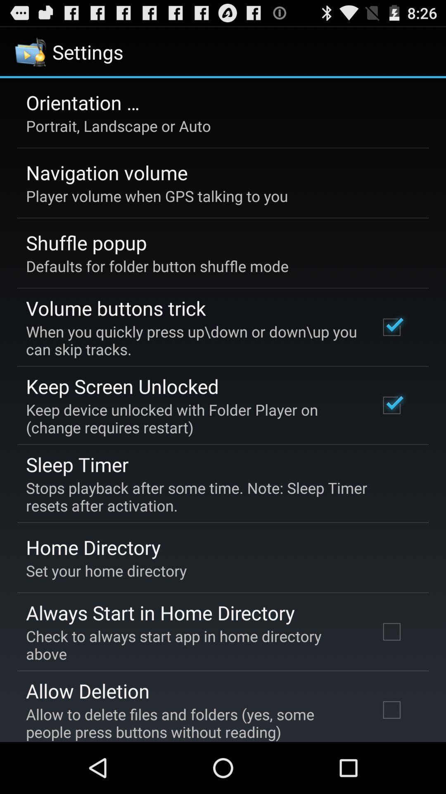 This screenshot has width=446, height=794. I want to click on icon below the allow deletion app, so click(191, 722).